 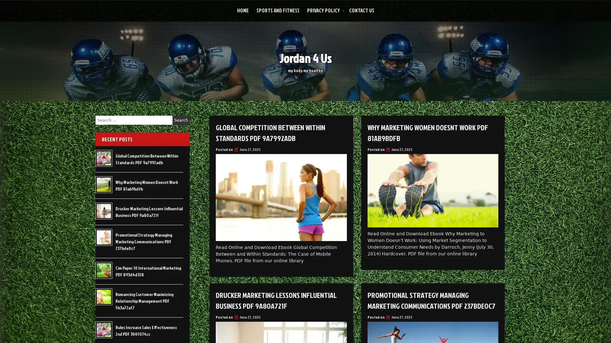 What do you see at coordinates (181, 120) in the screenshot?
I see `Search` at bounding box center [181, 120].